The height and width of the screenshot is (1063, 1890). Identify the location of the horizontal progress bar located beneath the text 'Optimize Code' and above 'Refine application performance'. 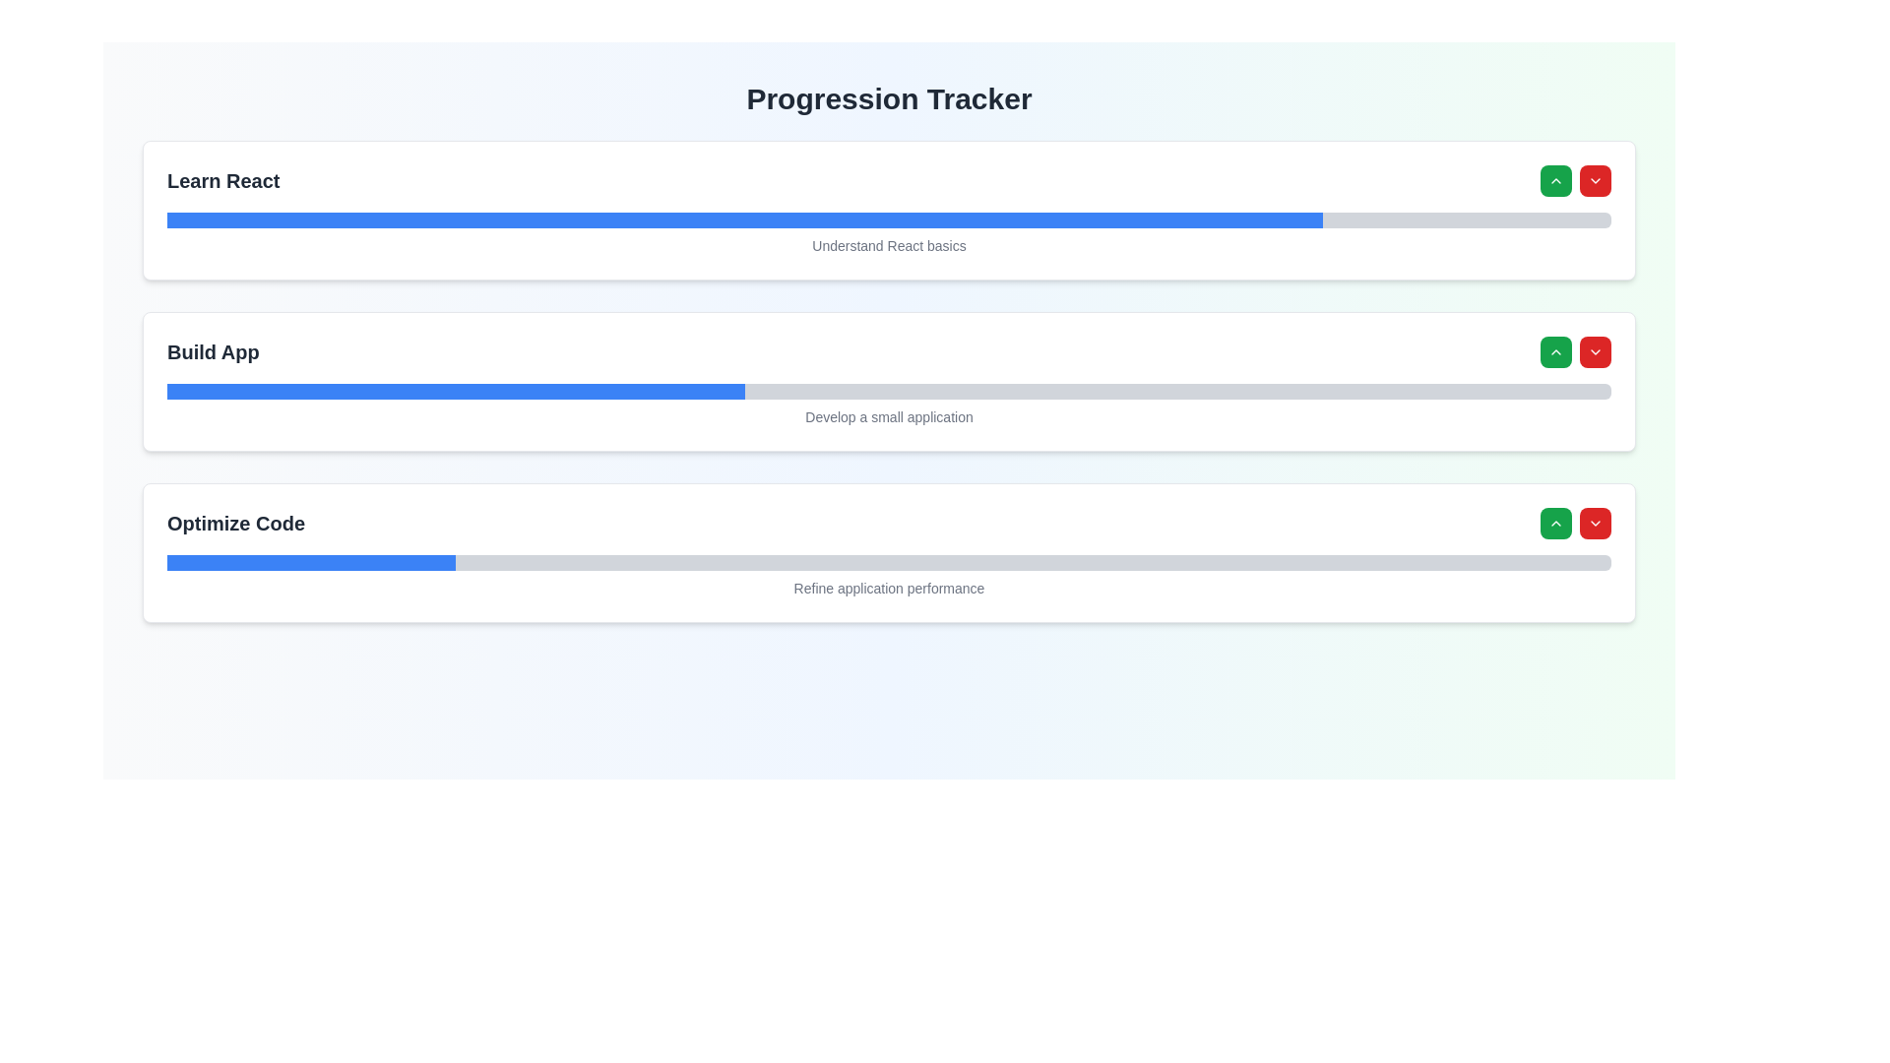
(888, 562).